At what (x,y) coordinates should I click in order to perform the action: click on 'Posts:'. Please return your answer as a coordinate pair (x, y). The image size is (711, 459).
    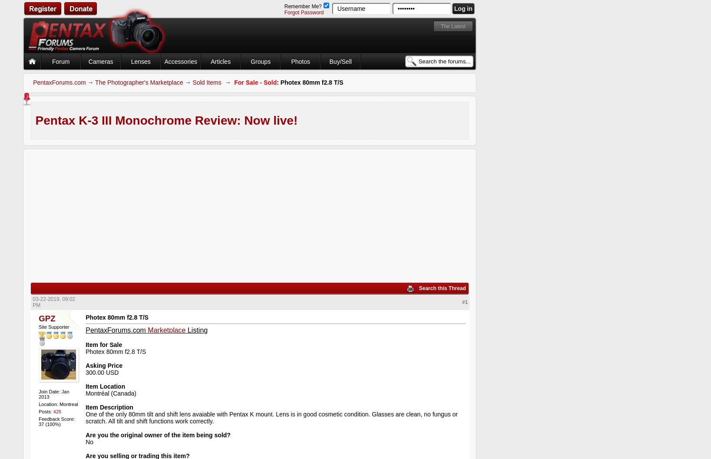
    Looking at the image, I should click on (46, 411).